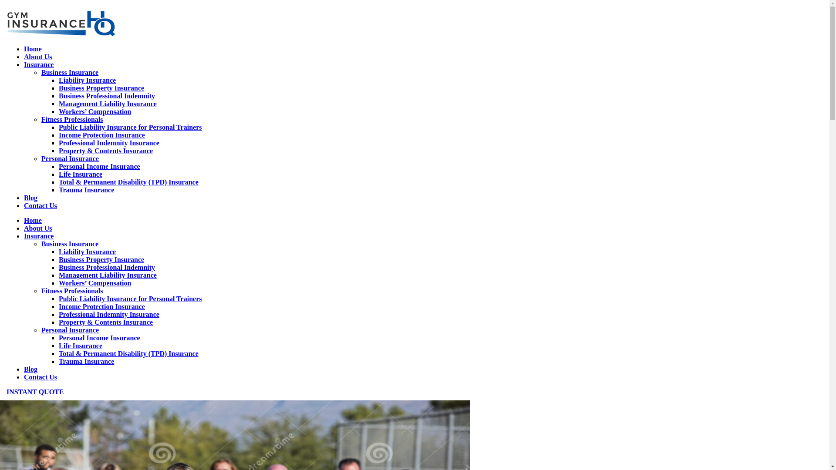 The height and width of the screenshot is (470, 836). What do you see at coordinates (99, 166) in the screenshot?
I see `'Personal Income Insurance'` at bounding box center [99, 166].